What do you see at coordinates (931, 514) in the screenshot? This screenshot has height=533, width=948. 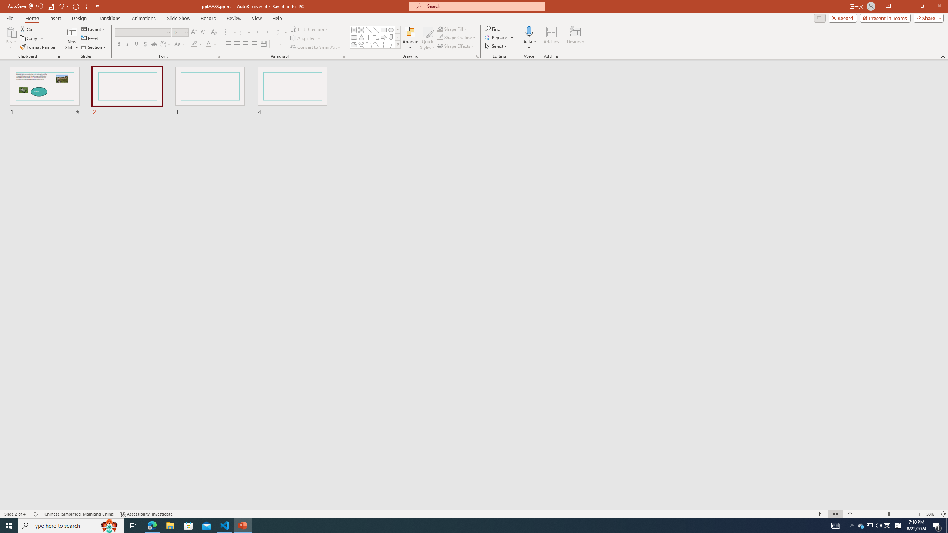 I see `'Zoom 58%'` at bounding box center [931, 514].